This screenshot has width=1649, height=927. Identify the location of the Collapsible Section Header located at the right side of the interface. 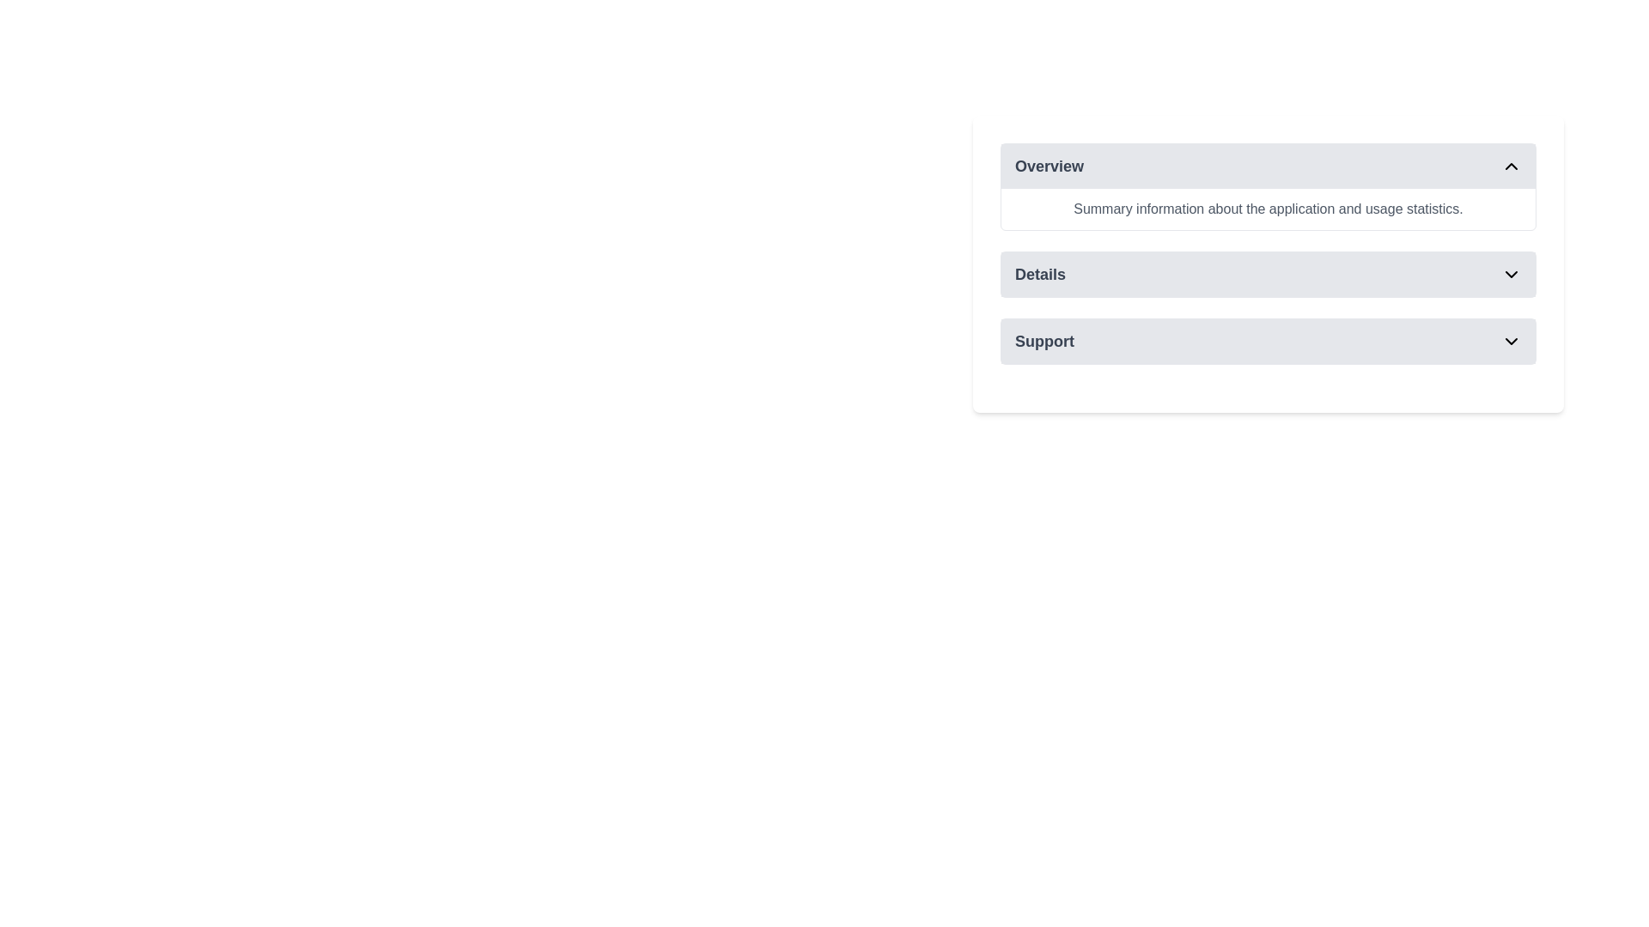
(1269, 187).